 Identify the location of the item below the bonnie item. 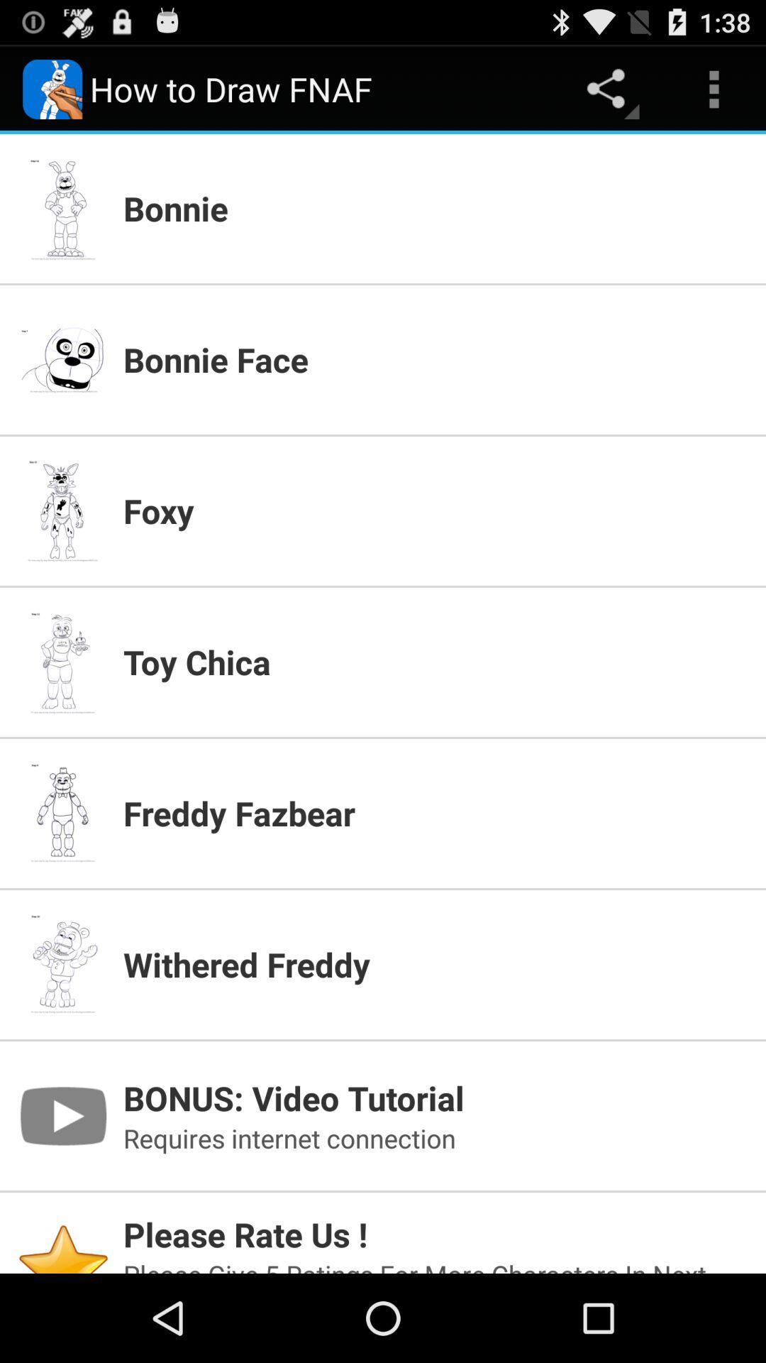
(435, 359).